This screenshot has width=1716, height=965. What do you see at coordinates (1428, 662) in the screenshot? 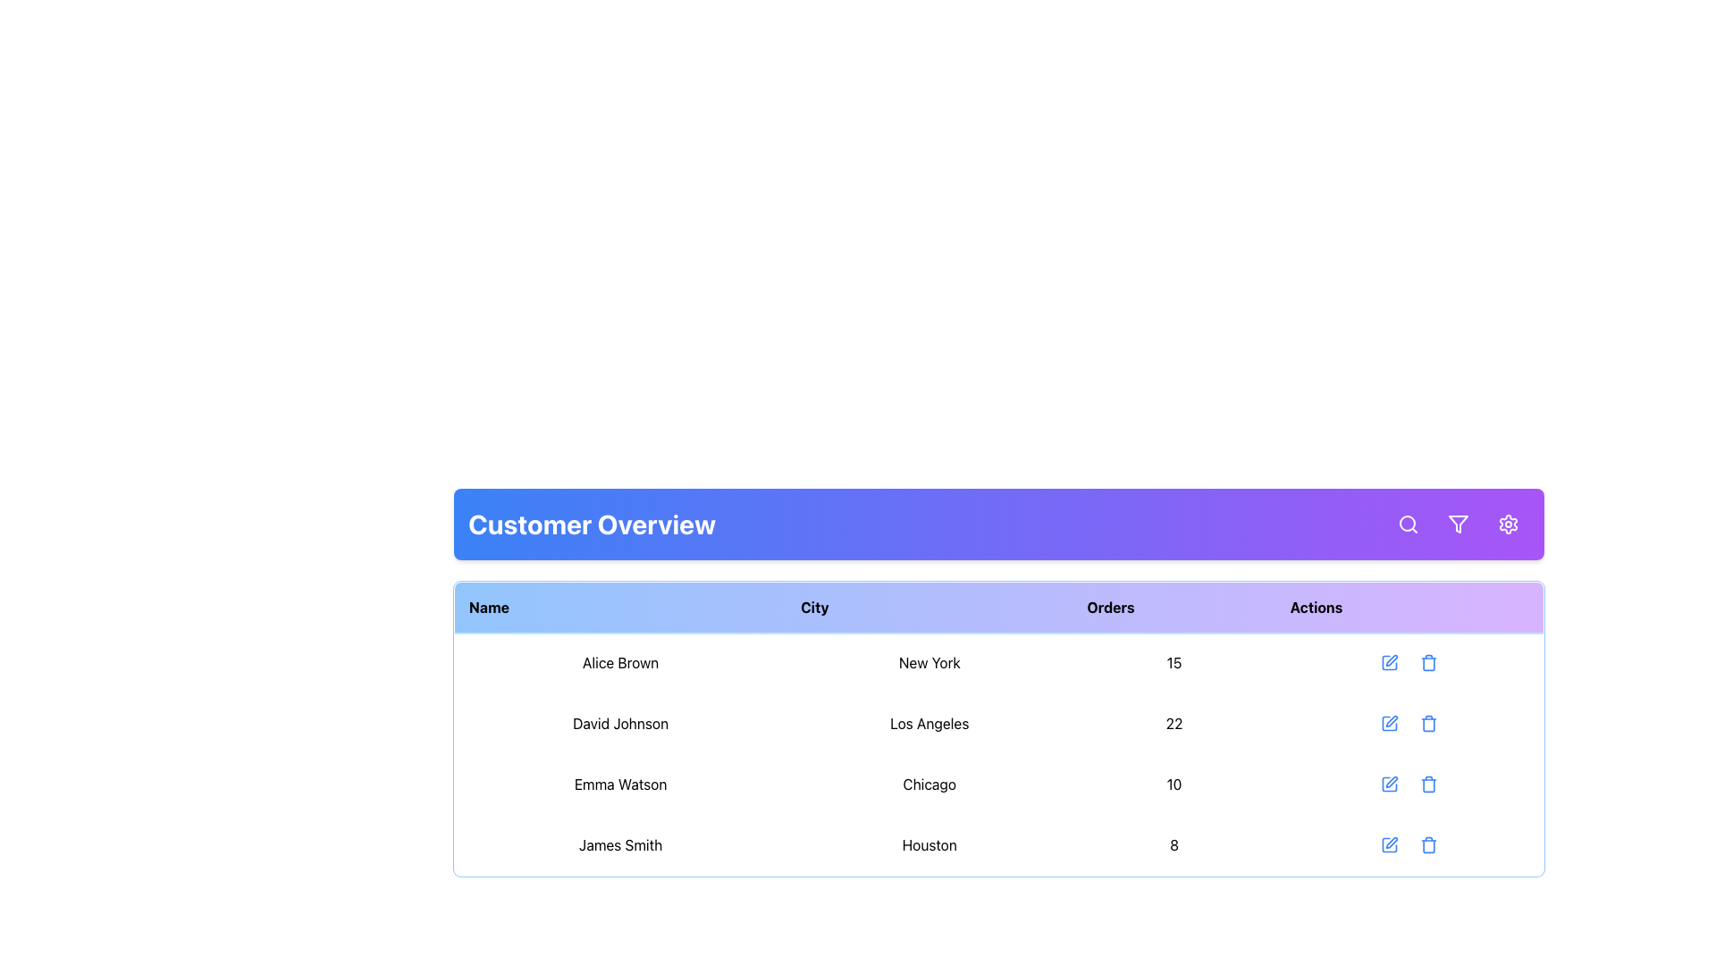
I see `the trash can icon button located in the 'Actions' column of the first row for 'Alice Brown'` at bounding box center [1428, 662].